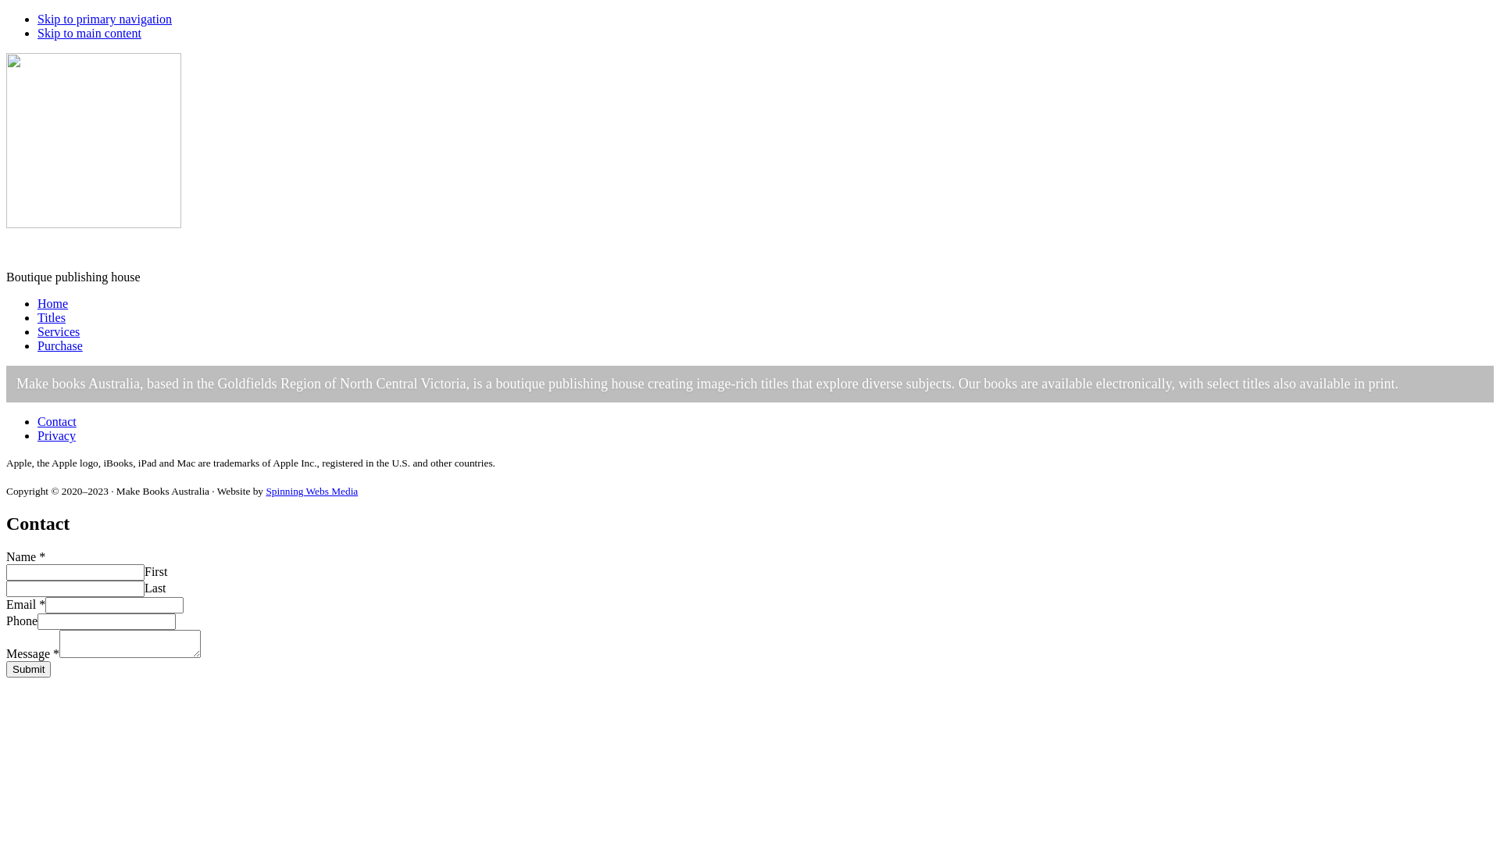 Image resolution: width=1500 pixels, height=844 pixels. Describe the element at coordinates (88, 33) in the screenshot. I see `'Skip to main content'` at that location.